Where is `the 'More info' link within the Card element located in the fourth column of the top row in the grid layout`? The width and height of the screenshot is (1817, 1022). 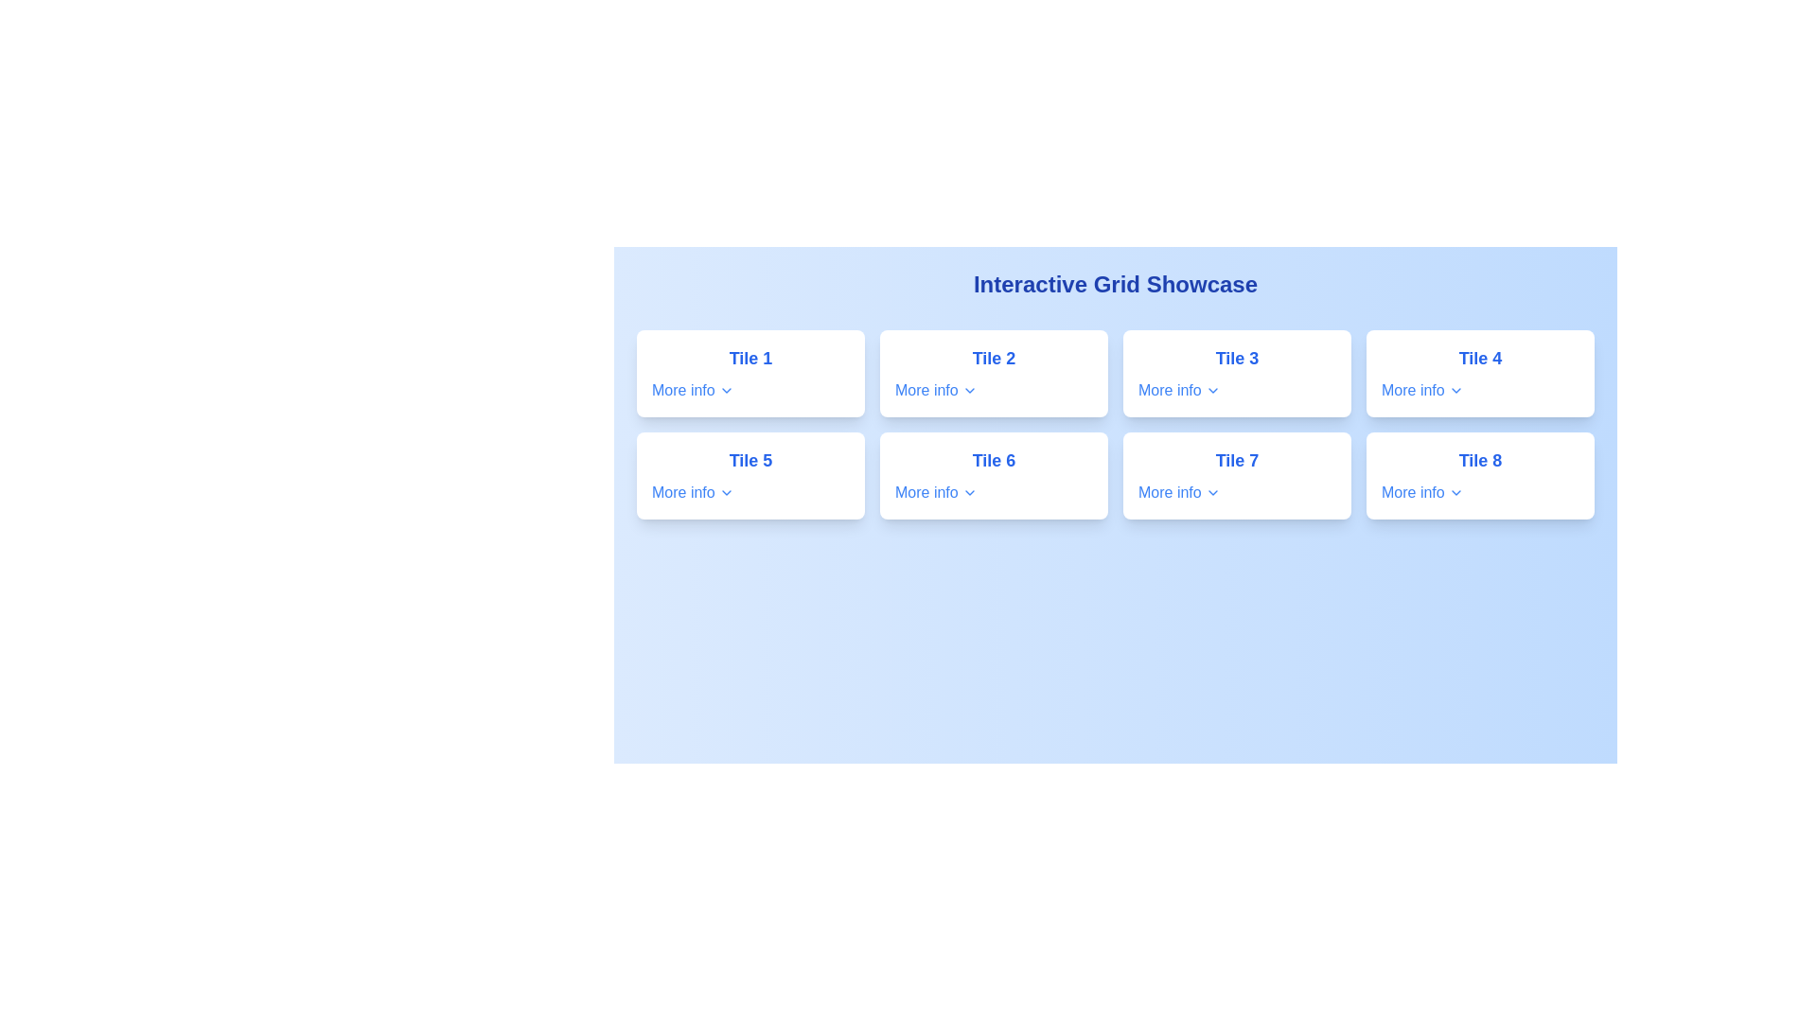
the 'More info' link within the Card element located in the fourth column of the top row in the grid layout is located at coordinates (1479, 373).